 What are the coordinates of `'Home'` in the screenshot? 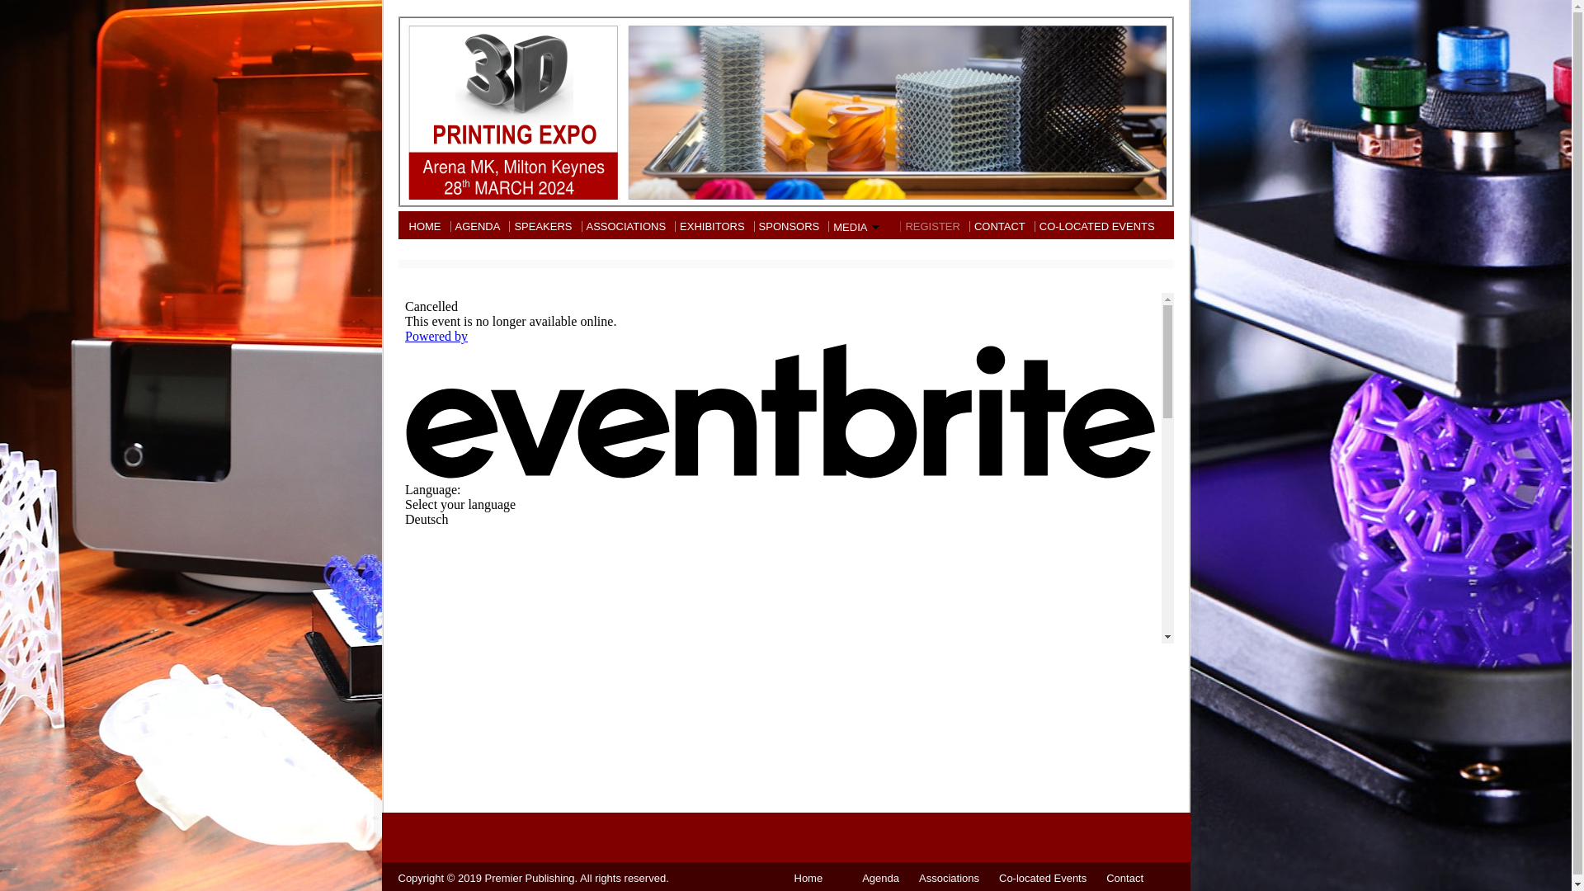 It's located at (808, 877).